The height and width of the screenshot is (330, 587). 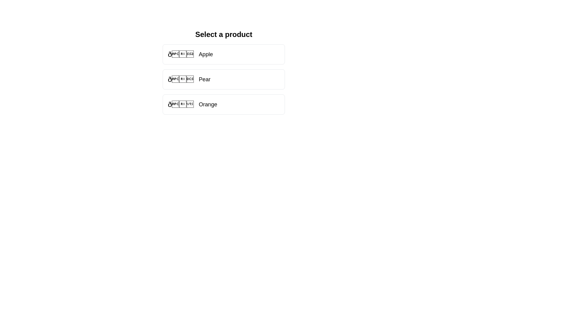 I want to click on the 'Apple' text display with icon, so click(x=190, y=54).